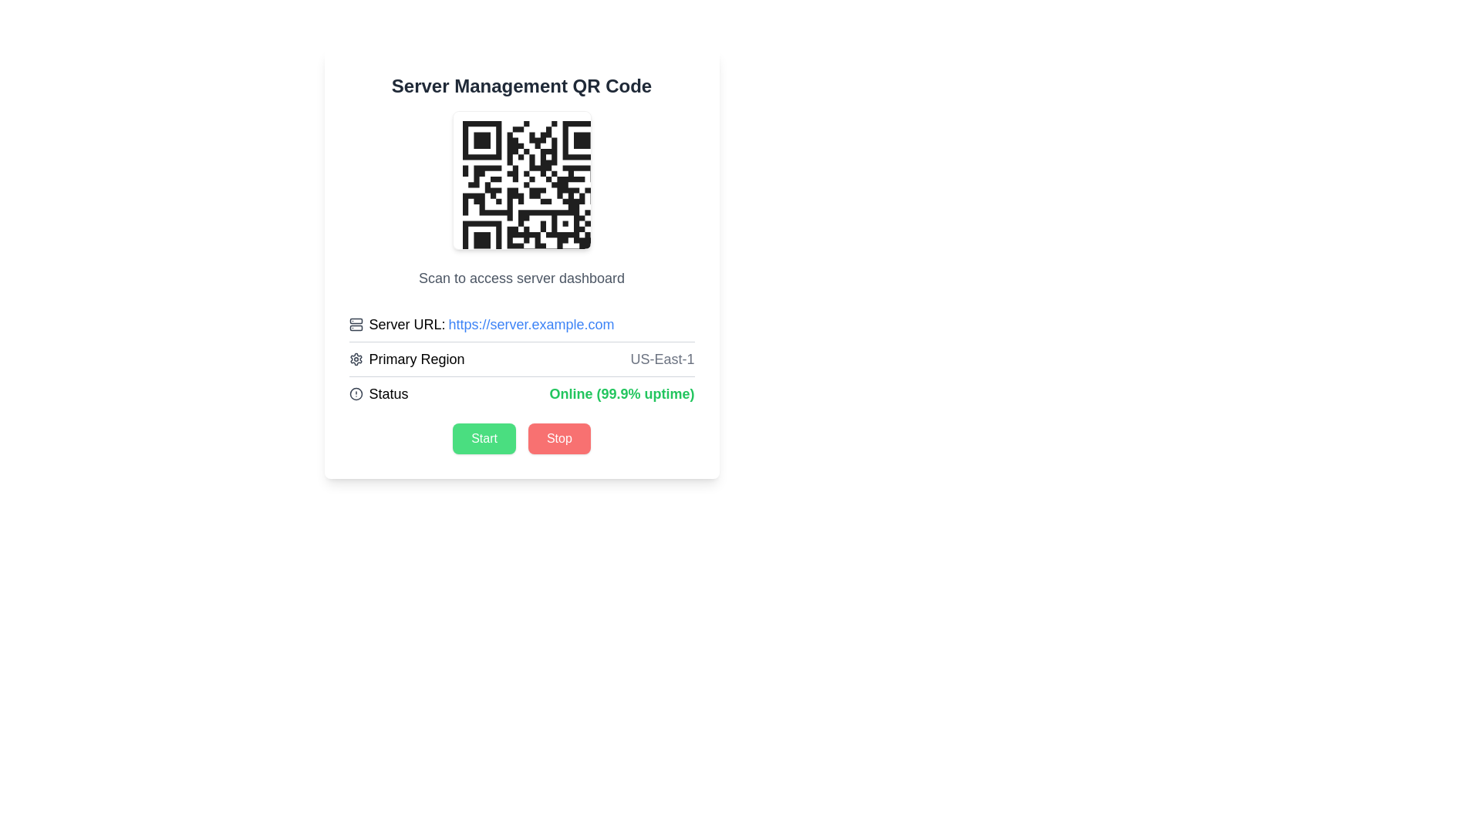 This screenshot has width=1481, height=833. I want to click on the gear icon located to the left of the 'Primary Region' label in the 'Server Management QR Code' section, so click(355, 359).